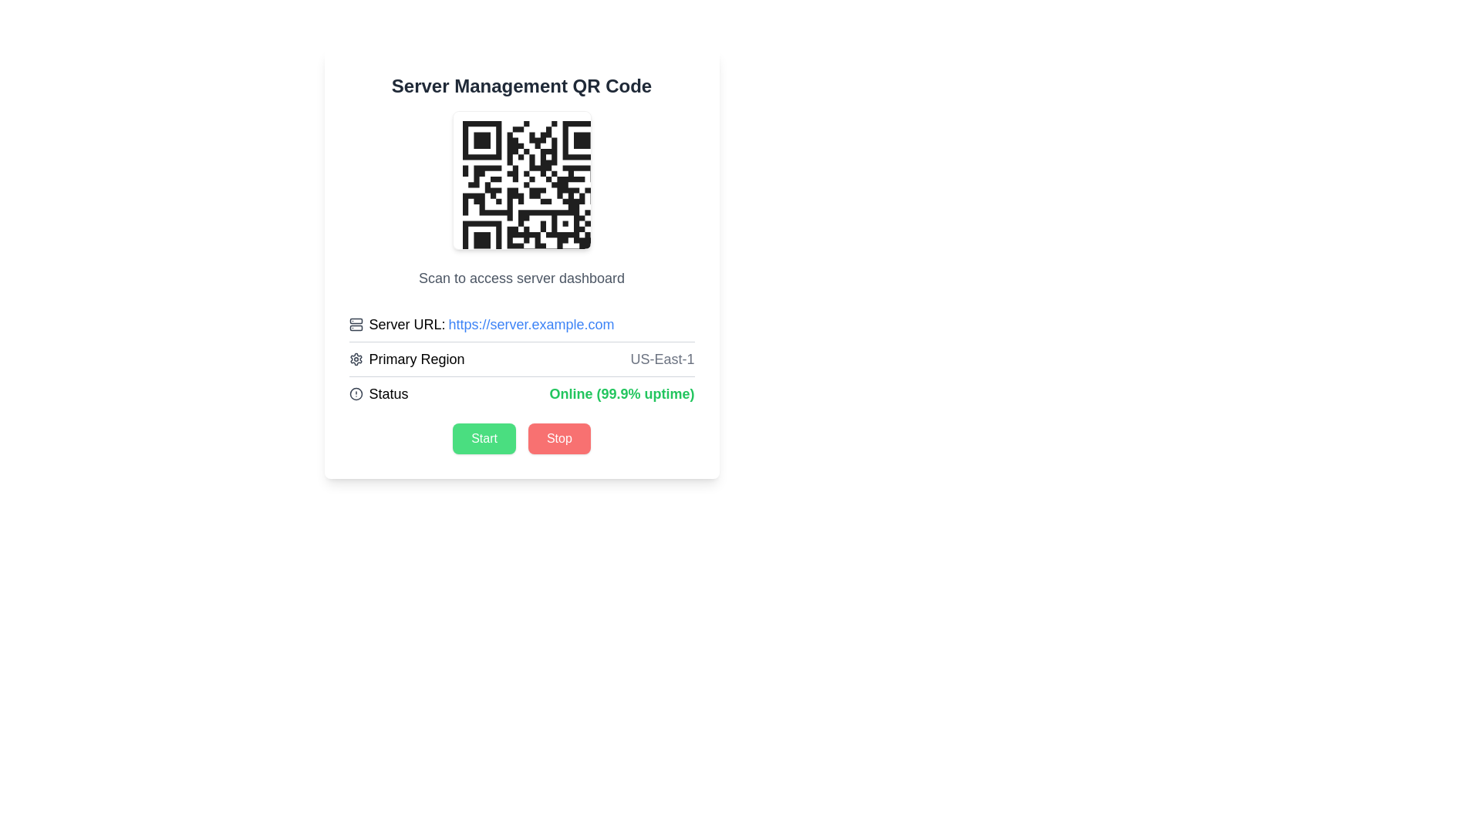 This screenshot has width=1481, height=833. I want to click on the gear icon located to the left of the 'Primary Region' label in the 'Server Management QR Code' section, so click(355, 359).